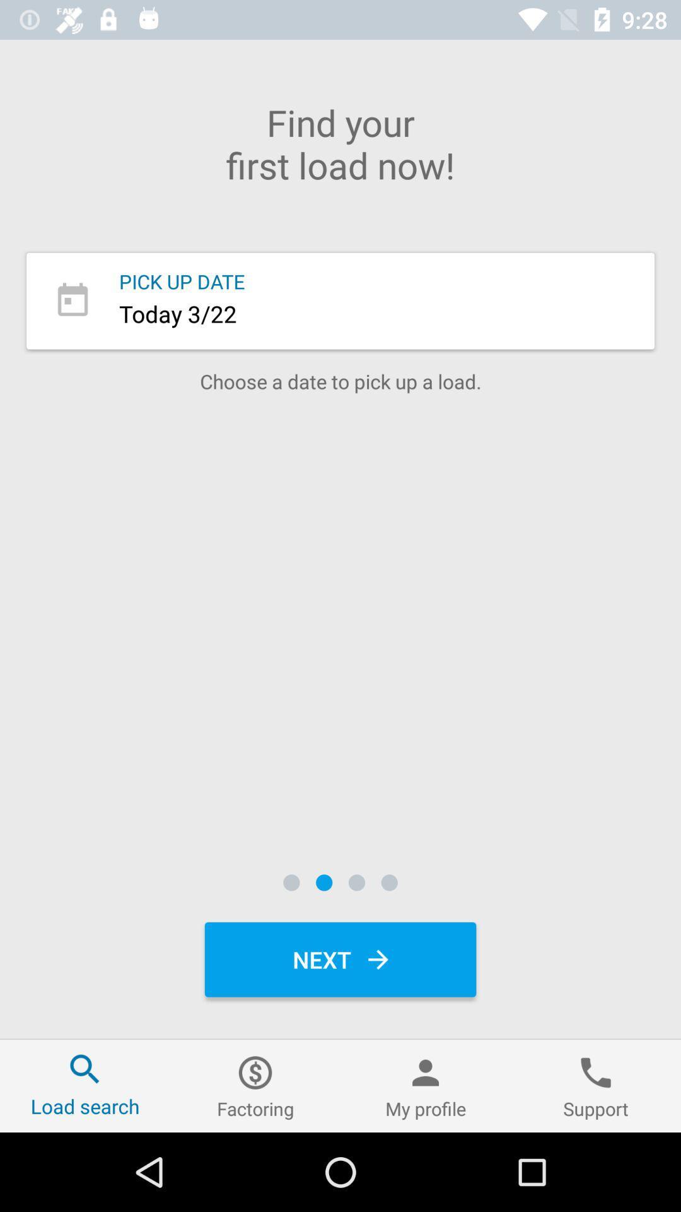 The height and width of the screenshot is (1212, 681). What do you see at coordinates (596, 1085) in the screenshot?
I see `support on the right side of my profile` at bounding box center [596, 1085].